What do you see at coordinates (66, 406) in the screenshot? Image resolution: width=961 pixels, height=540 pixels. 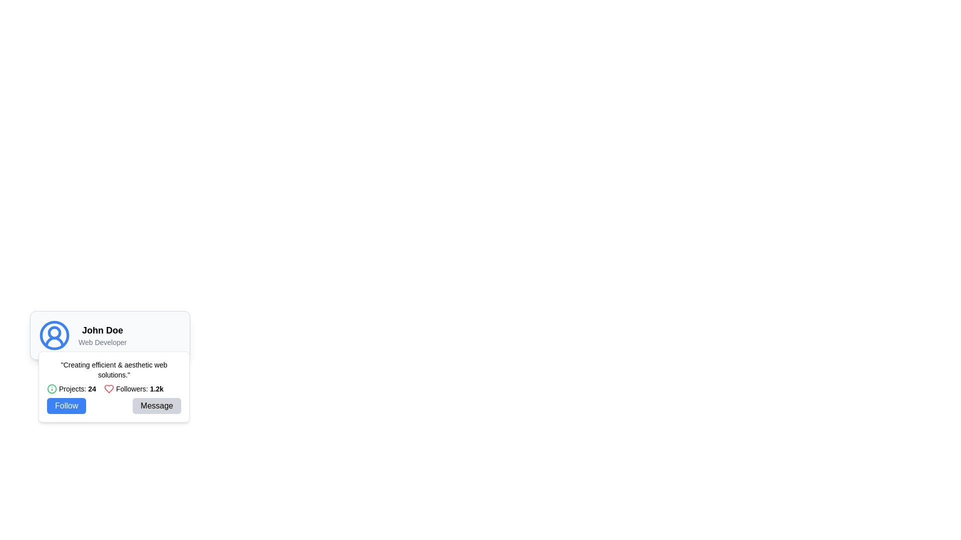 I see `the blue 'Follow' button with rounded edges located at the bottom left corner of the card component to initiate the follow action` at bounding box center [66, 406].